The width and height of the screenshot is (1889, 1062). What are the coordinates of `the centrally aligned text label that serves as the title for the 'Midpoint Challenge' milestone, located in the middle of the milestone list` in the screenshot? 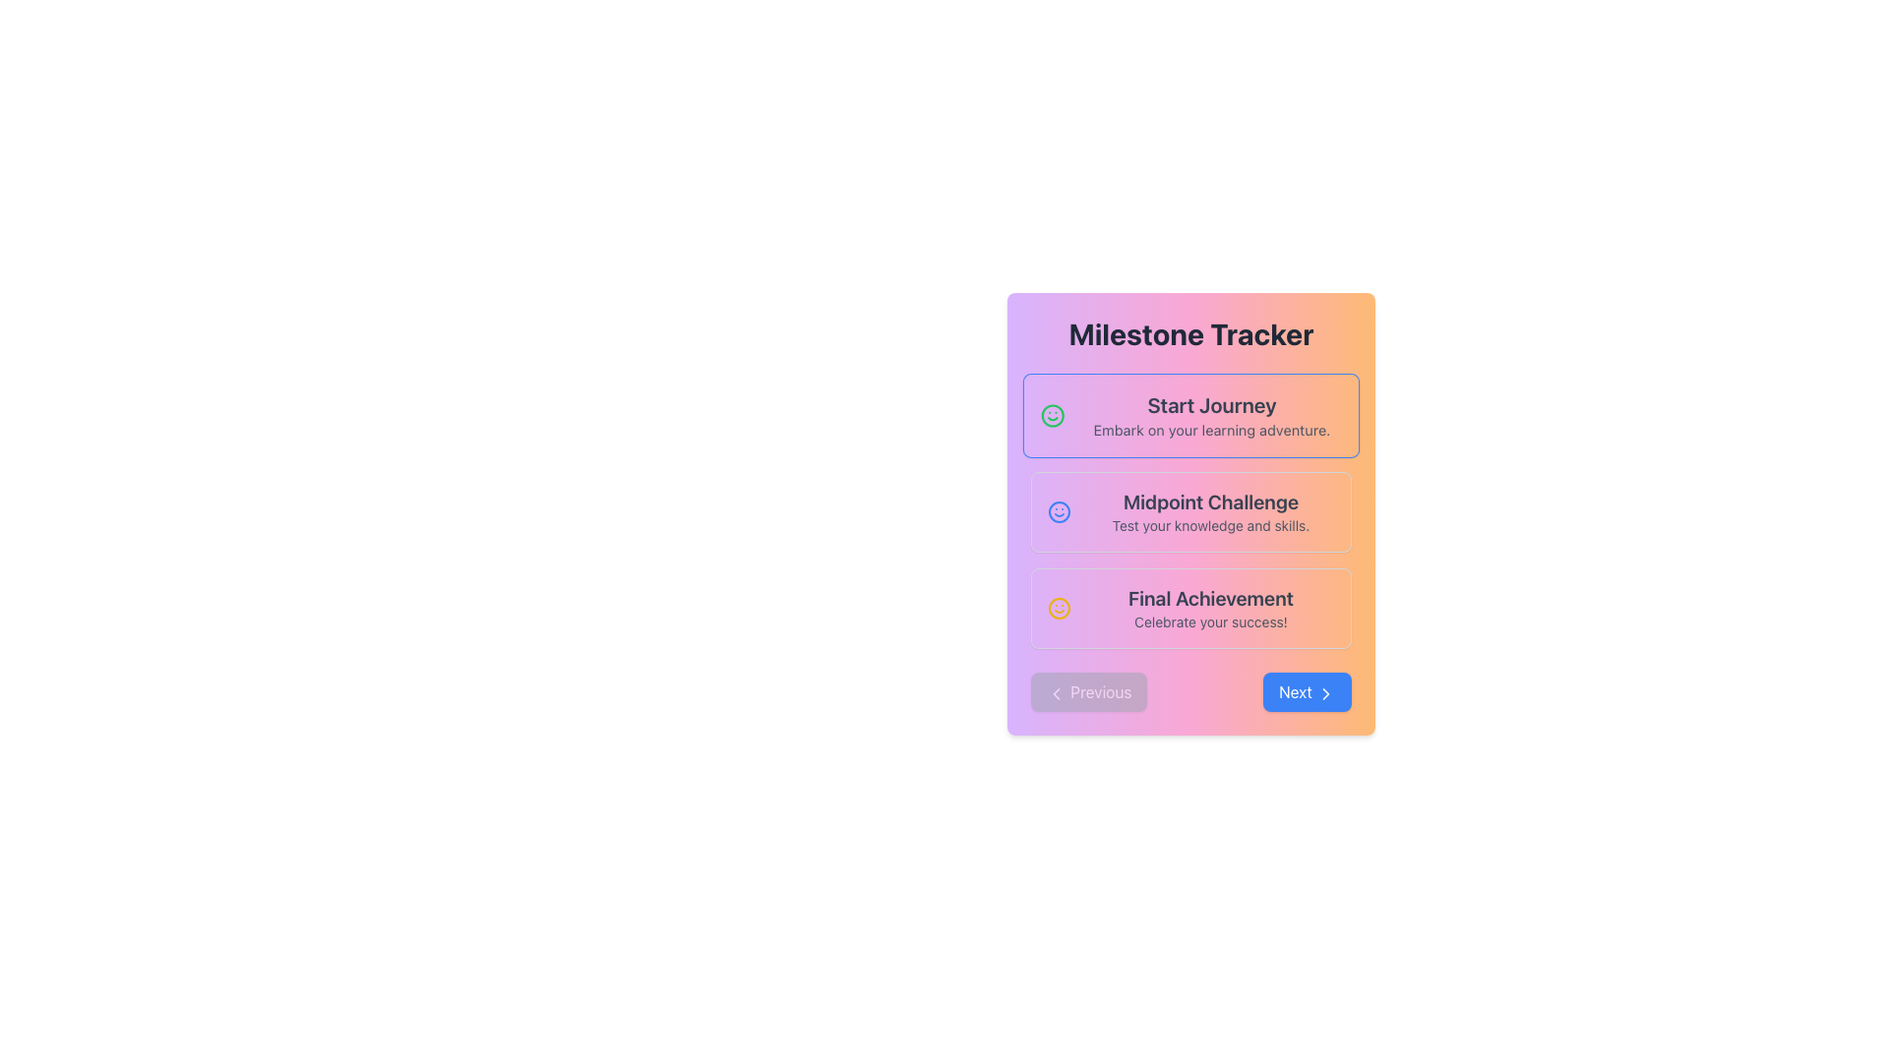 It's located at (1209, 501).